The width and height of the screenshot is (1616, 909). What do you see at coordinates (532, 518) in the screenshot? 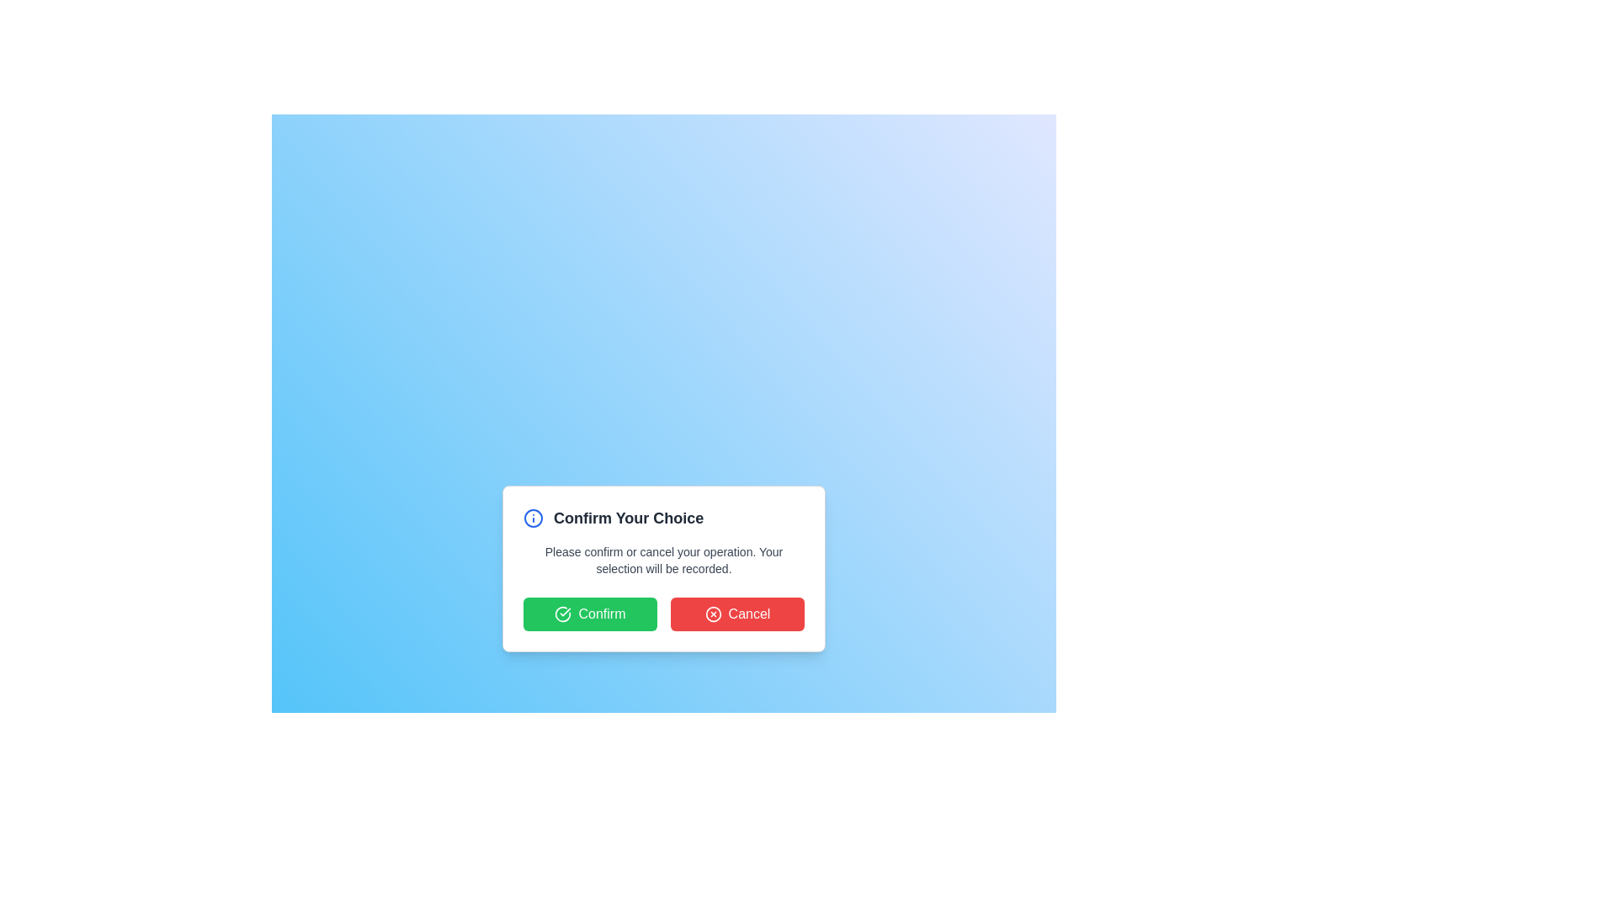
I see `the circular blue information icon located to the left of the 'Confirm Your Choice' header in the modal dialog box for additional details` at bounding box center [532, 518].